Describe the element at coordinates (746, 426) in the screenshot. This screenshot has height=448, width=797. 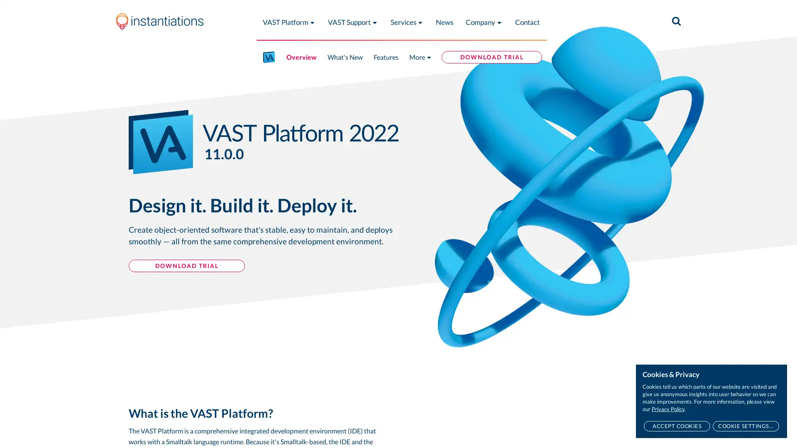
I see `COOKIE SETTINGS...` at that location.